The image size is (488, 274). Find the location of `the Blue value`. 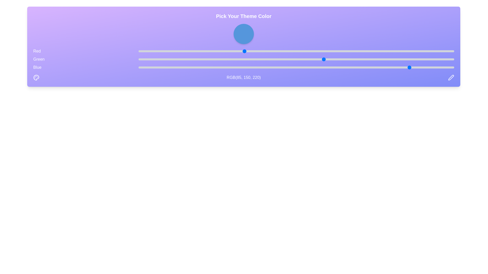

the Blue value is located at coordinates (348, 67).